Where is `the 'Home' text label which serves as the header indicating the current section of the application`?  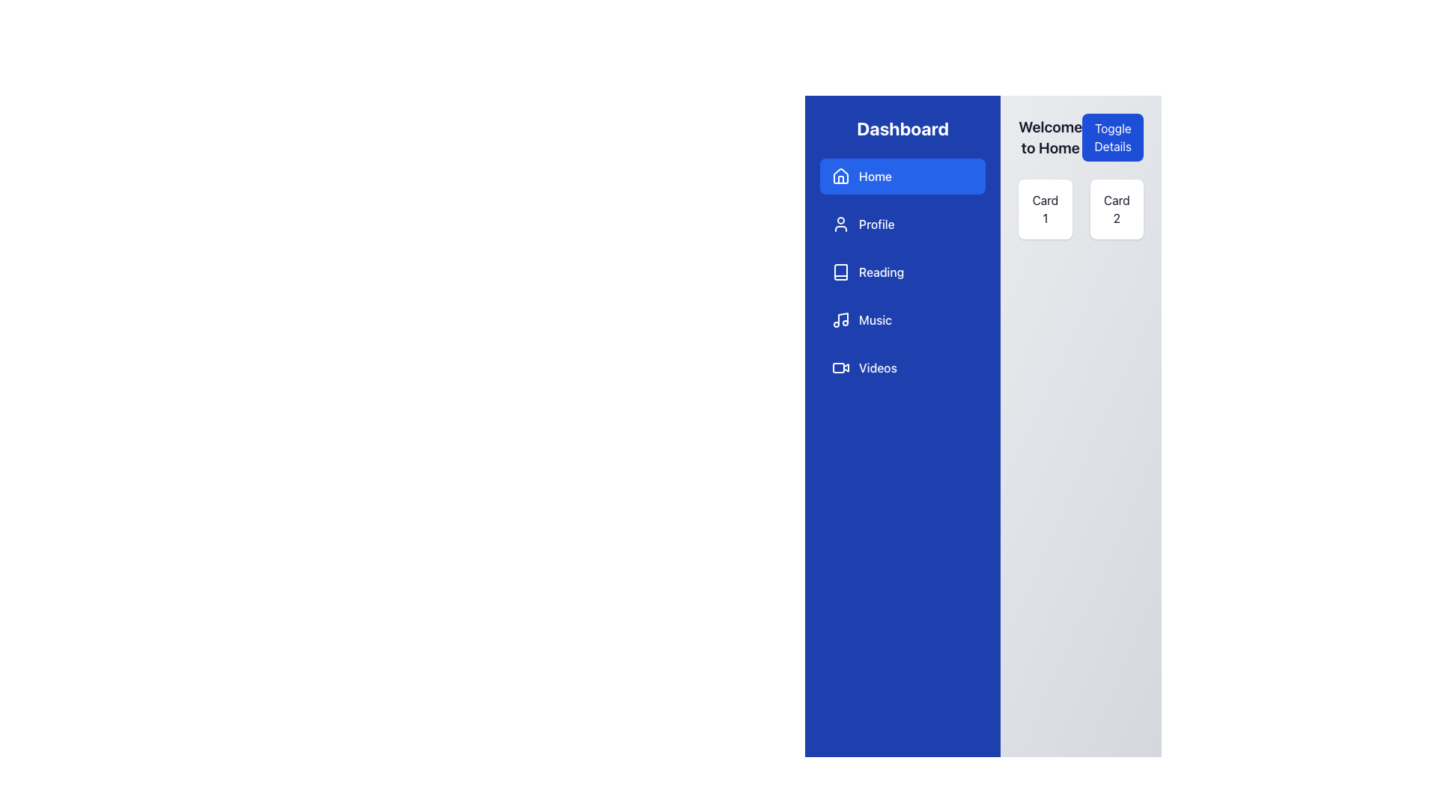 the 'Home' text label which serves as the header indicating the current section of the application is located at coordinates (1049, 138).